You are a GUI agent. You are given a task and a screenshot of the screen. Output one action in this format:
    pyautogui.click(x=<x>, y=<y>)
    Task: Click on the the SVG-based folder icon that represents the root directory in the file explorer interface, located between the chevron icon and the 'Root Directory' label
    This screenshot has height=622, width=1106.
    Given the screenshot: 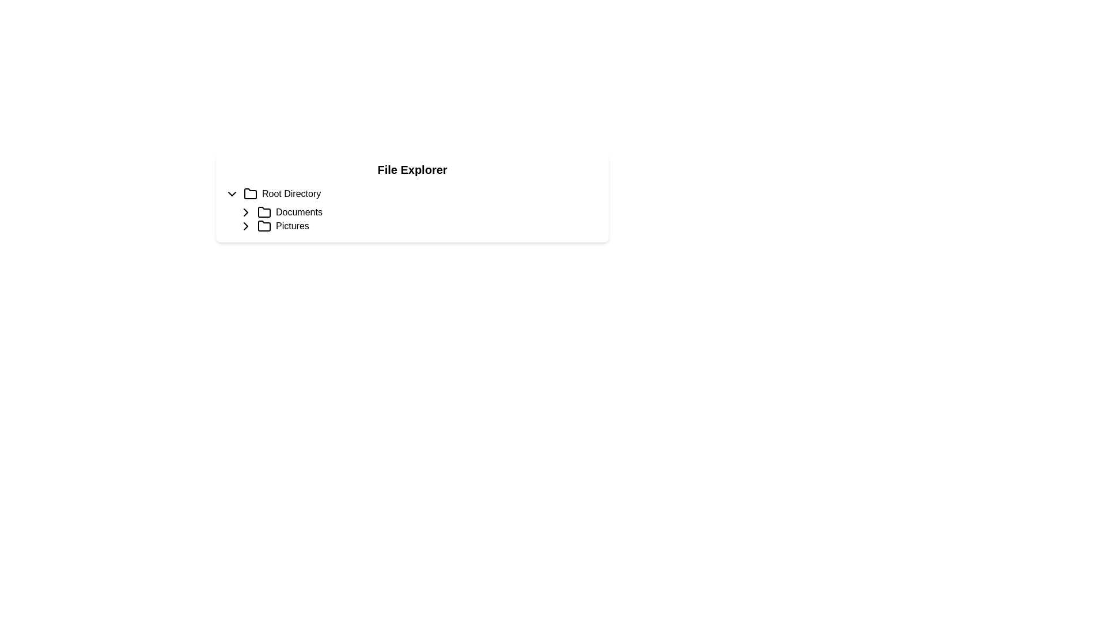 What is the action you would take?
    pyautogui.click(x=250, y=193)
    